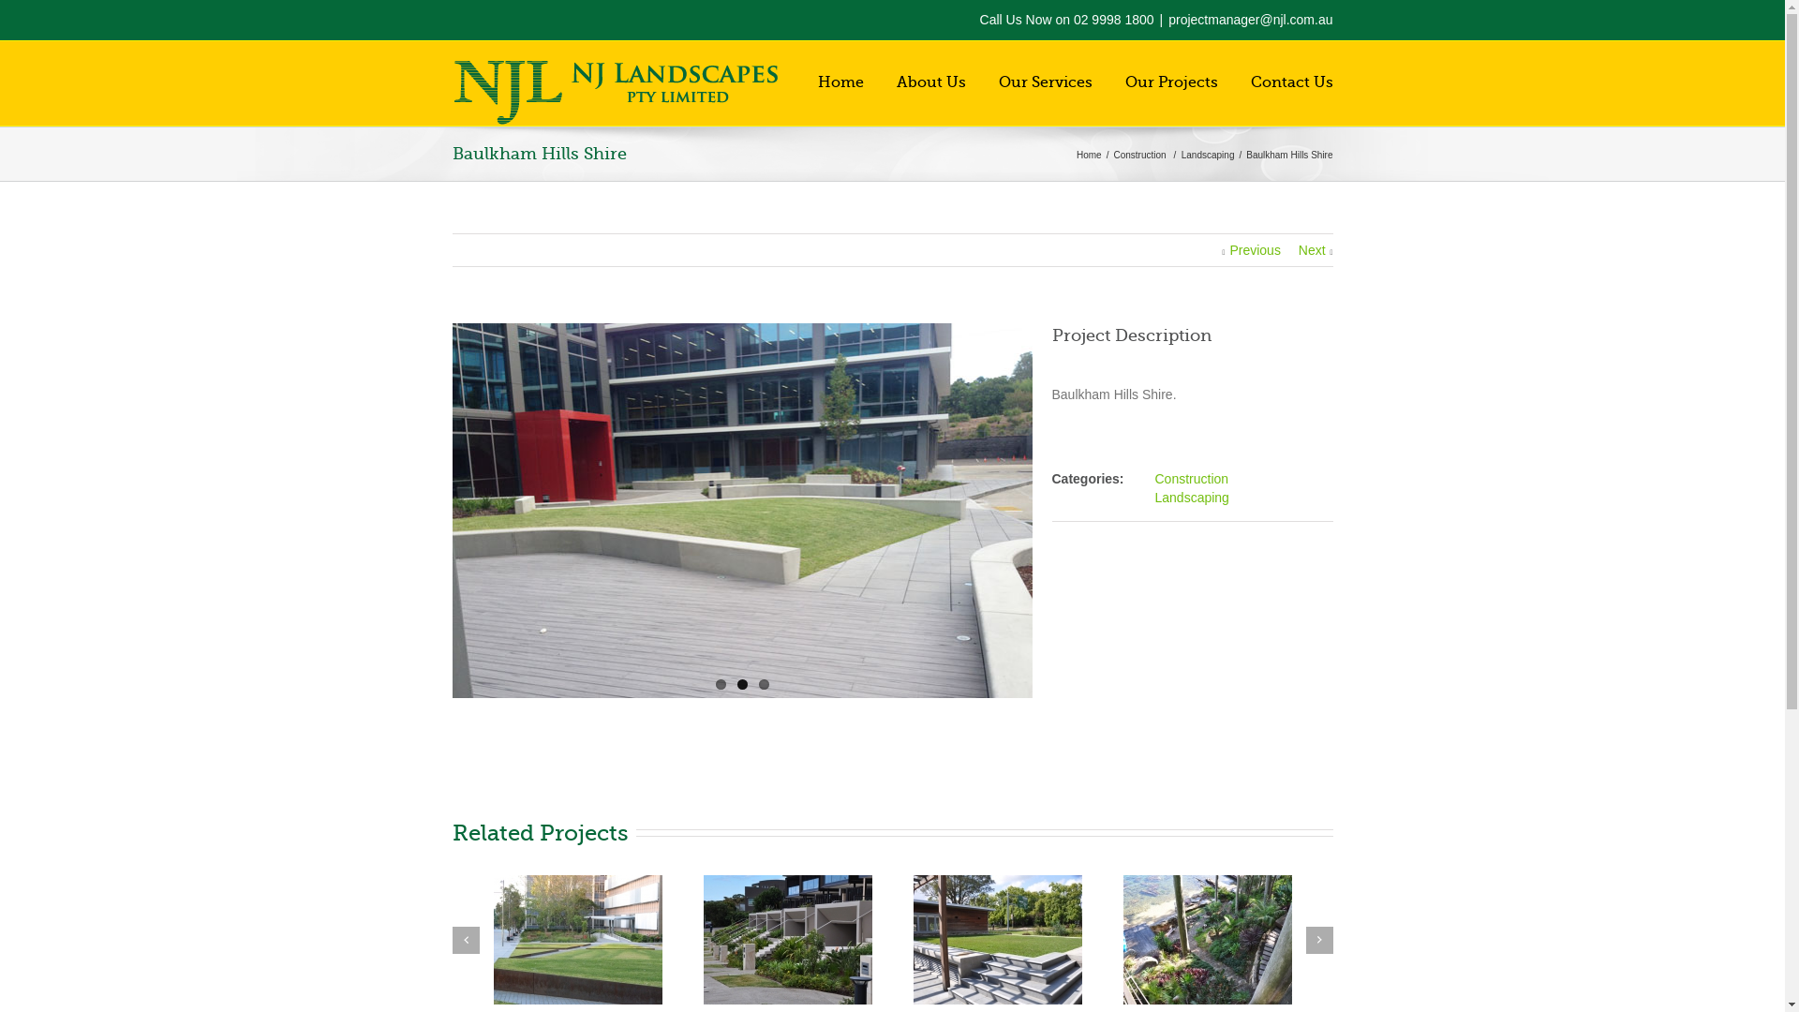  I want to click on 'projectmanager@njl.com.au', so click(1250, 19).